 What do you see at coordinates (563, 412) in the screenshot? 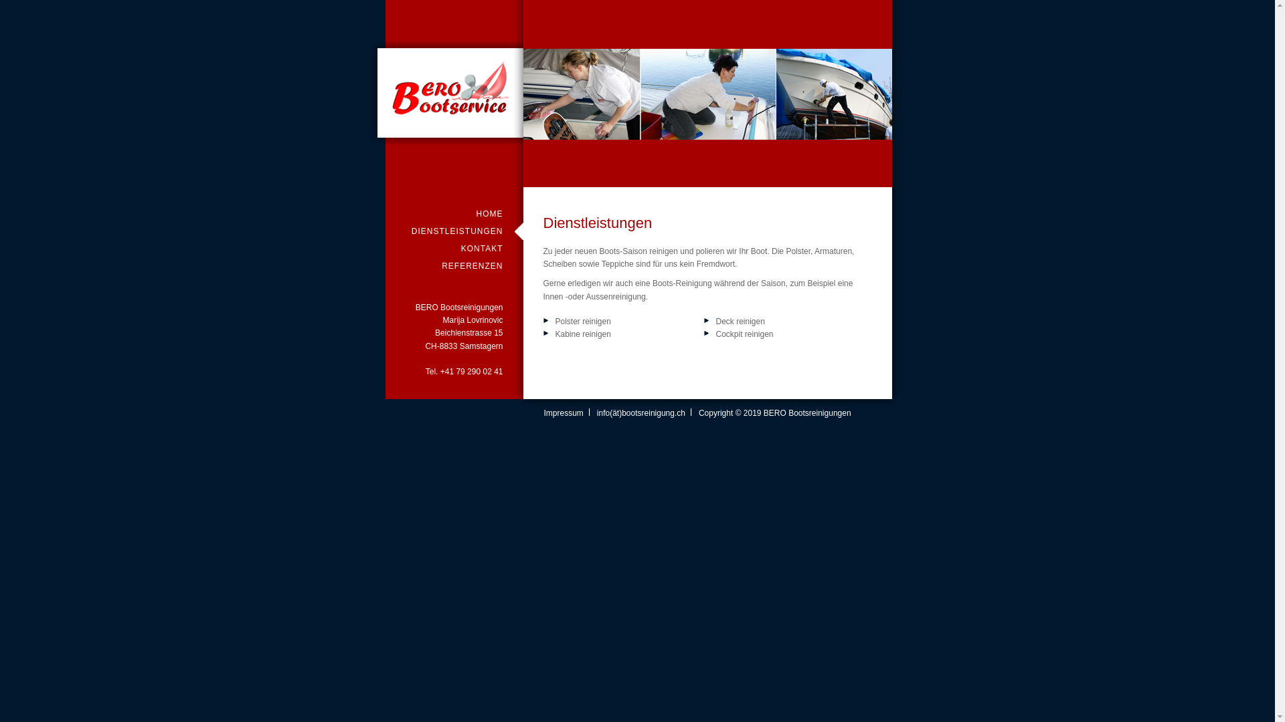
I see `'Impressum'` at bounding box center [563, 412].